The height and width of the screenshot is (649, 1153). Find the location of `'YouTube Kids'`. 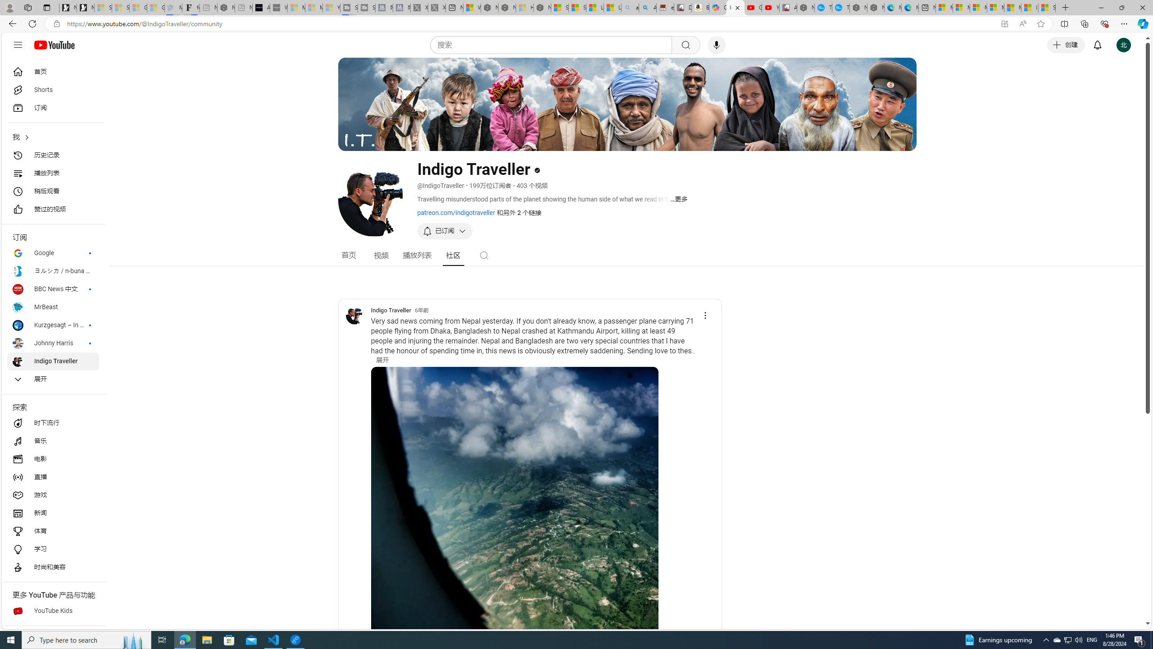

'YouTube Kids' is located at coordinates (53, 611).